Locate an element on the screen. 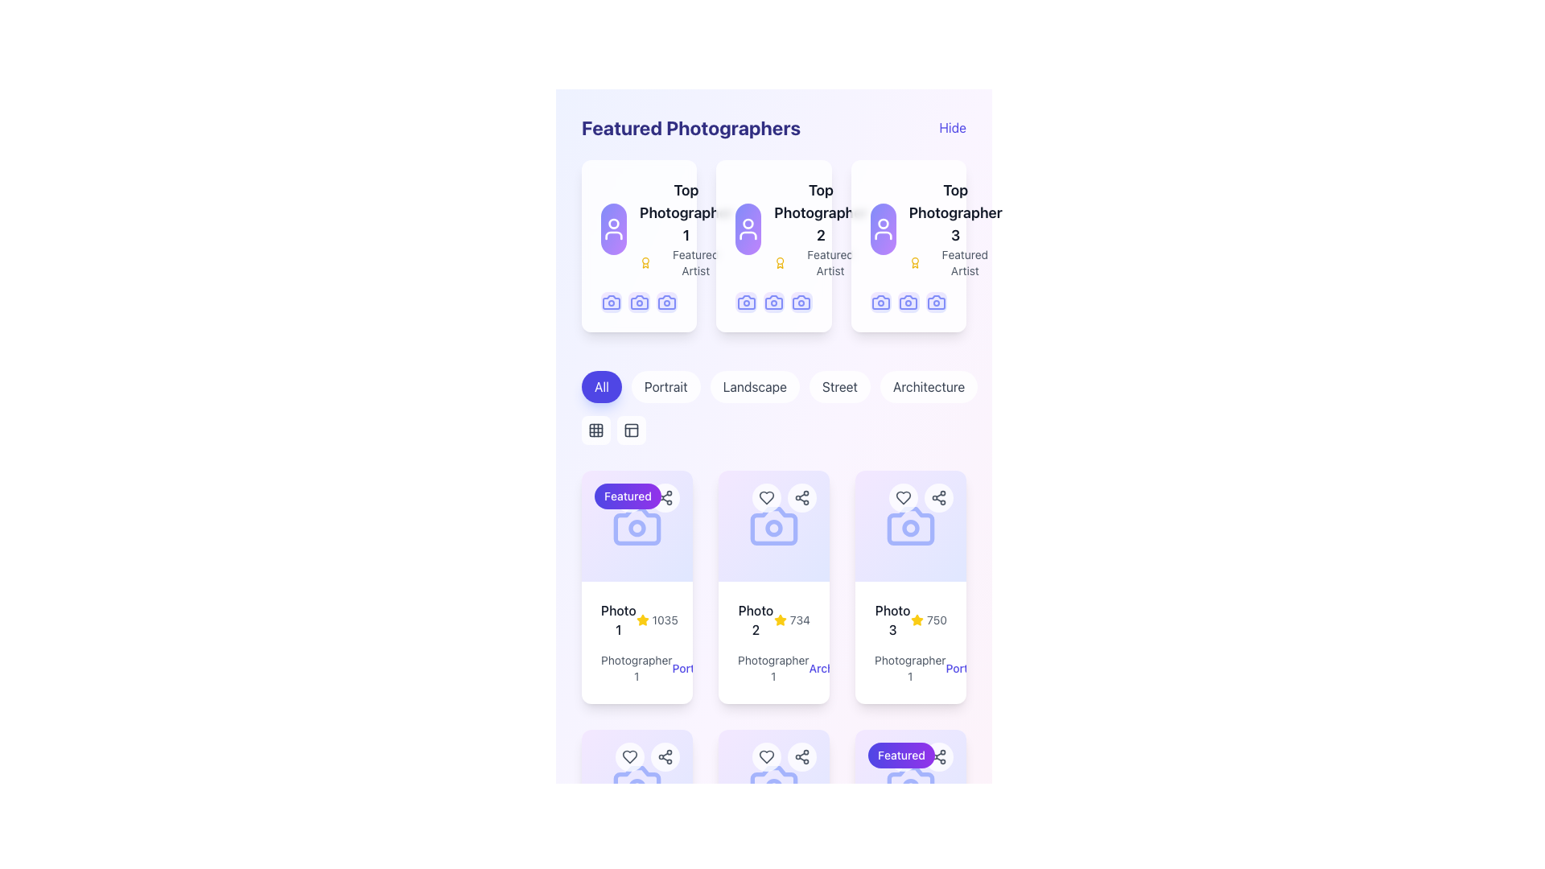 The width and height of the screenshot is (1545, 869). the camera icon located in the second row, second column of the grid, which symbolizes photography-related content is located at coordinates (773, 784).